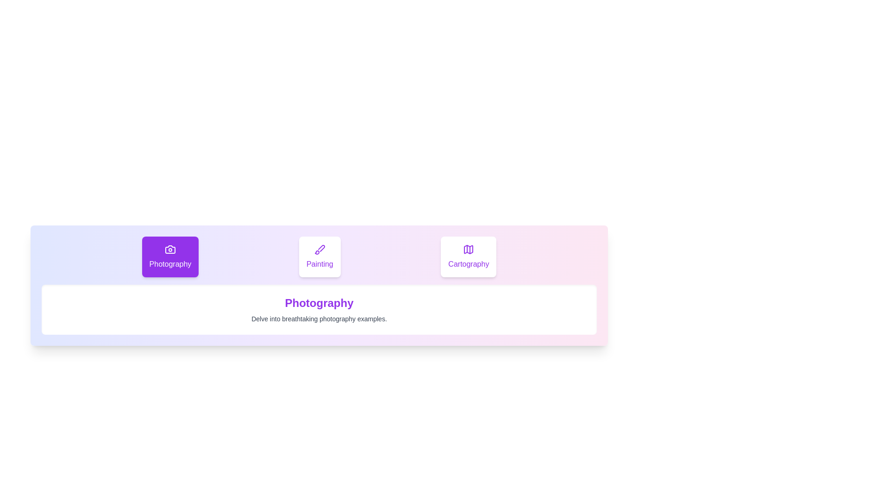 This screenshot has width=889, height=500. I want to click on the tab labeled Cartography to switch to its content, so click(469, 257).